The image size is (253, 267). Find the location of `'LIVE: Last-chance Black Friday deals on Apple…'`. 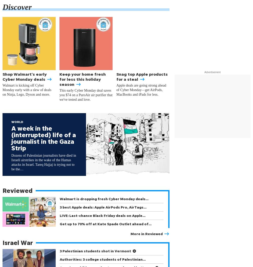

'LIVE: Last-chance Black Friday deals on Apple…' is located at coordinates (102, 215).